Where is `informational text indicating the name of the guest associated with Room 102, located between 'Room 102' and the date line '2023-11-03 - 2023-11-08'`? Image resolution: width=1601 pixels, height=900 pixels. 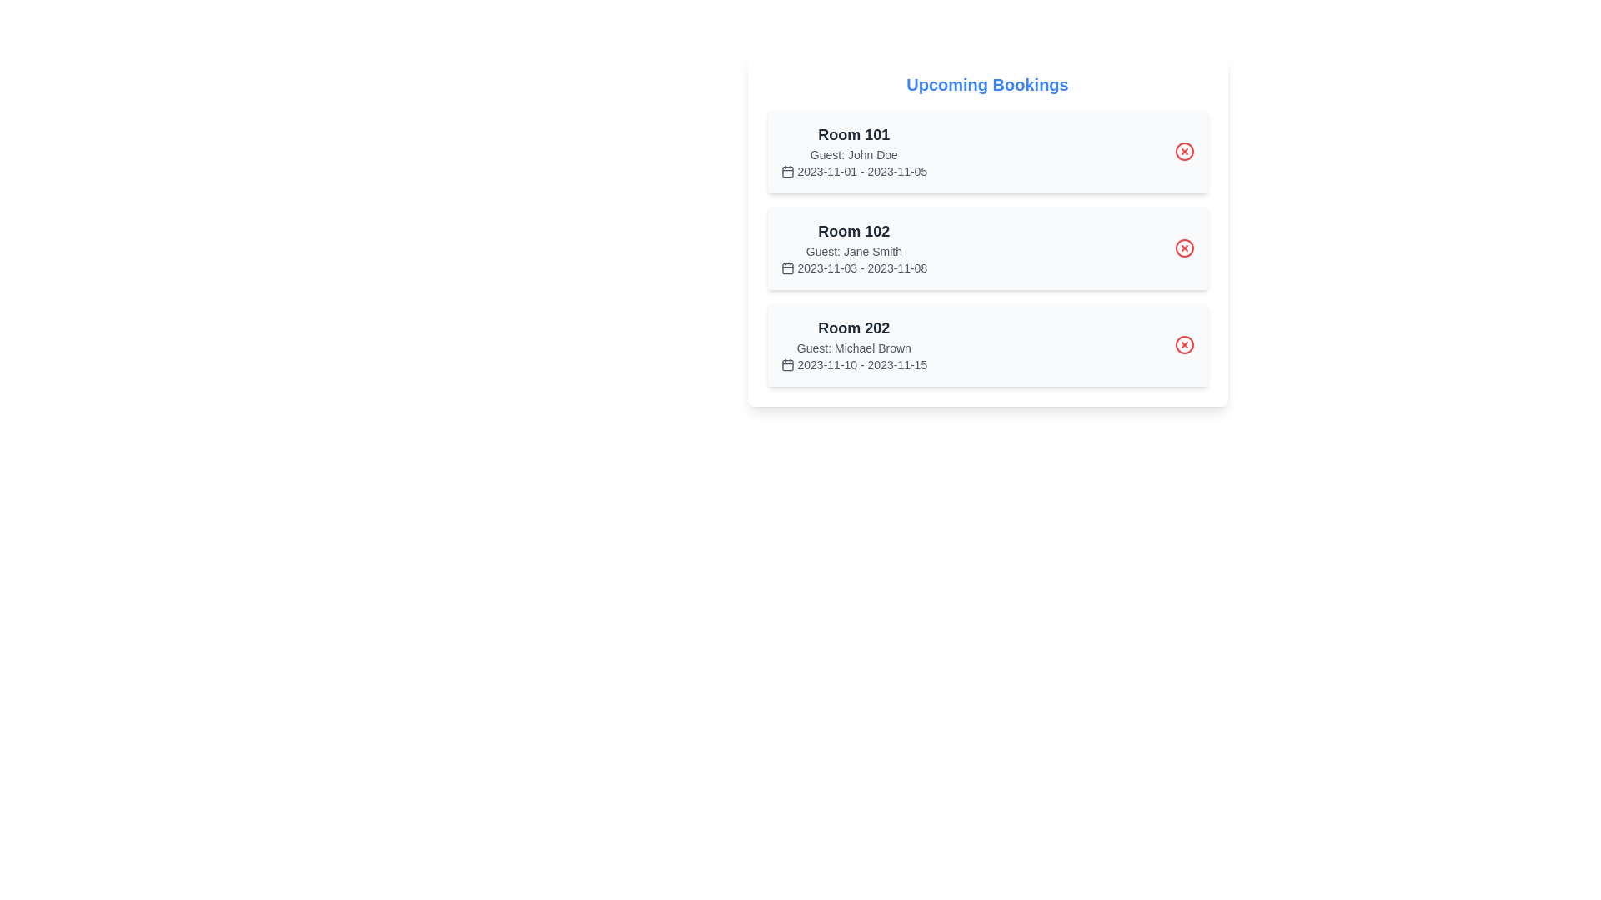
informational text indicating the name of the guest associated with Room 102, located between 'Room 102' and the date line '2023-11-03 - 2023-11-08' is located at coordinates (854, 251).